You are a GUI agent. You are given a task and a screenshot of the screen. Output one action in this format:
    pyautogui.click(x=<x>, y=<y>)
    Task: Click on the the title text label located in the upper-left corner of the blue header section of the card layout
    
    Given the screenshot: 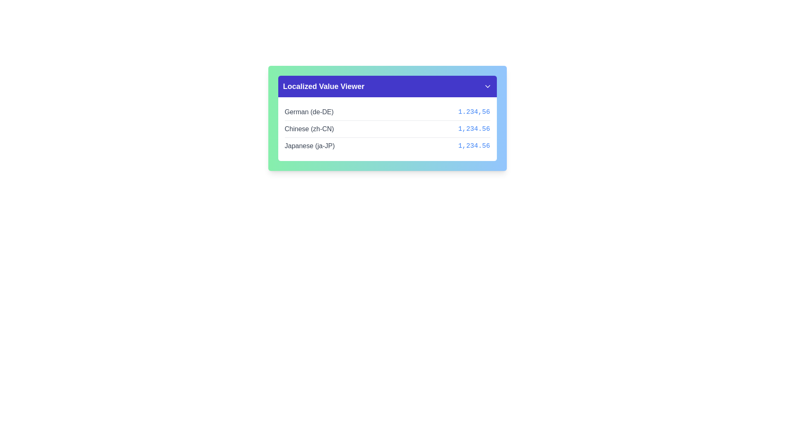 What is the action you would take?
    pyautogui.click(x=323, y=86)
    